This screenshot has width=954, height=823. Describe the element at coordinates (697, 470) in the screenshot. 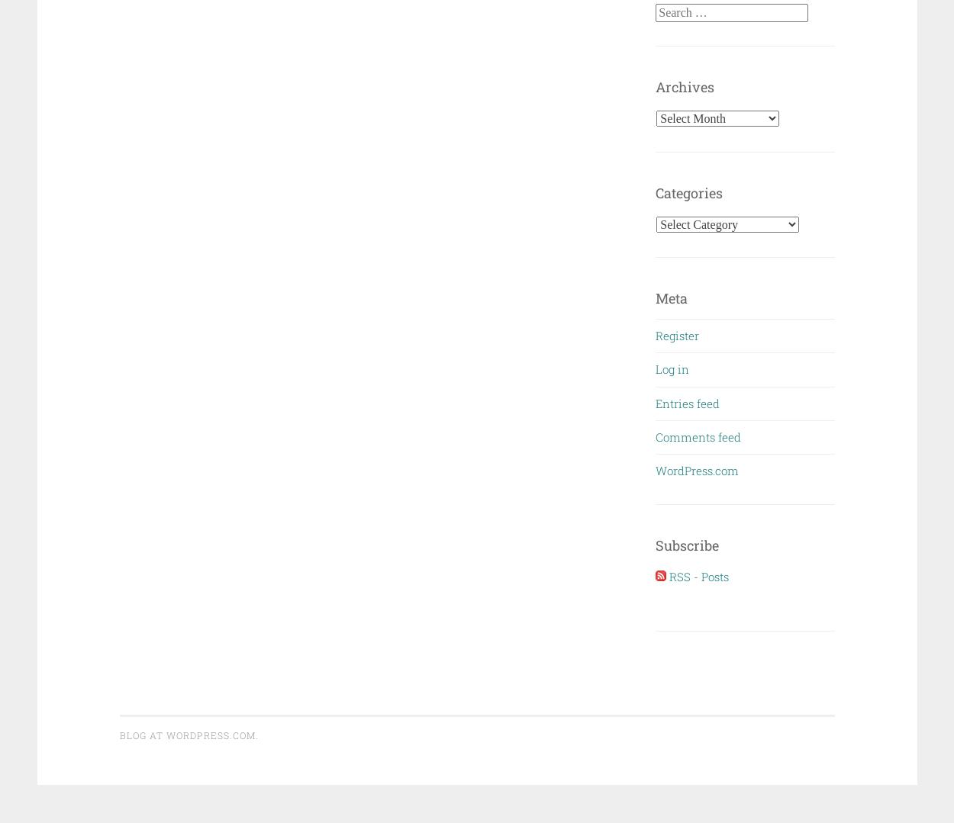

I see `'WordPress.com'` at that location.